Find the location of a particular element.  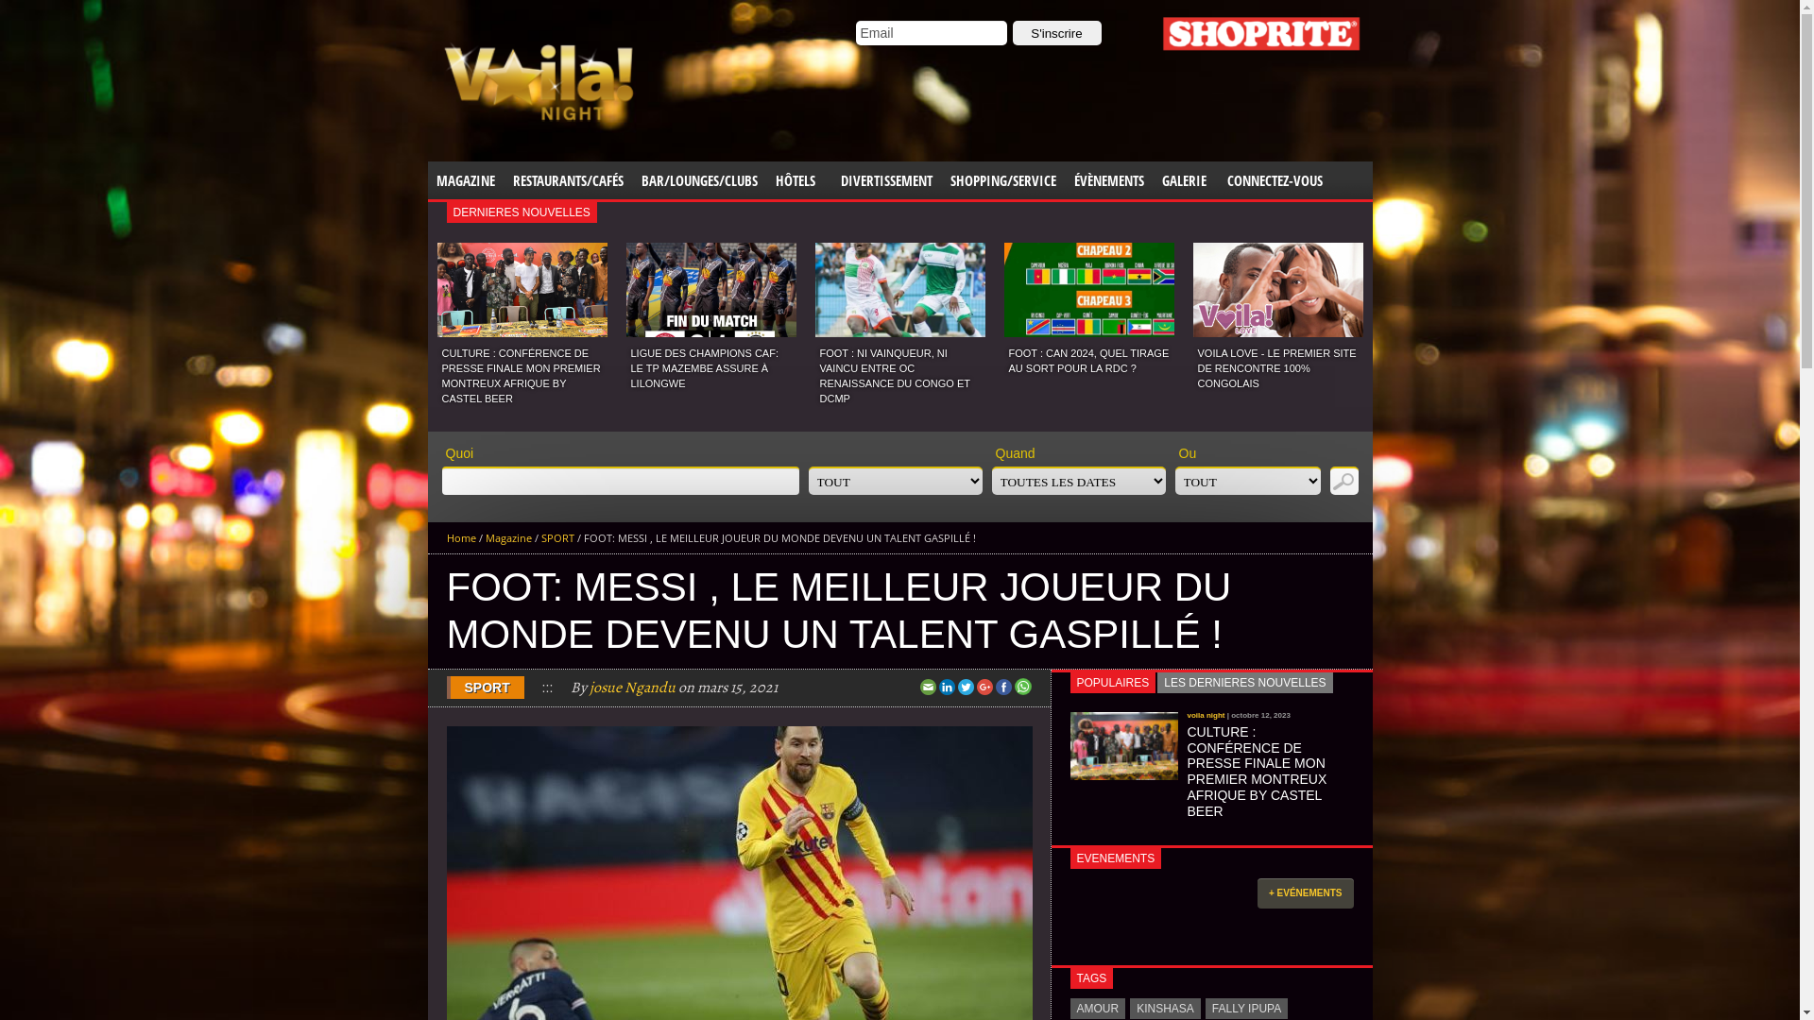

'Magazine' is located at coordinates (508, 537).